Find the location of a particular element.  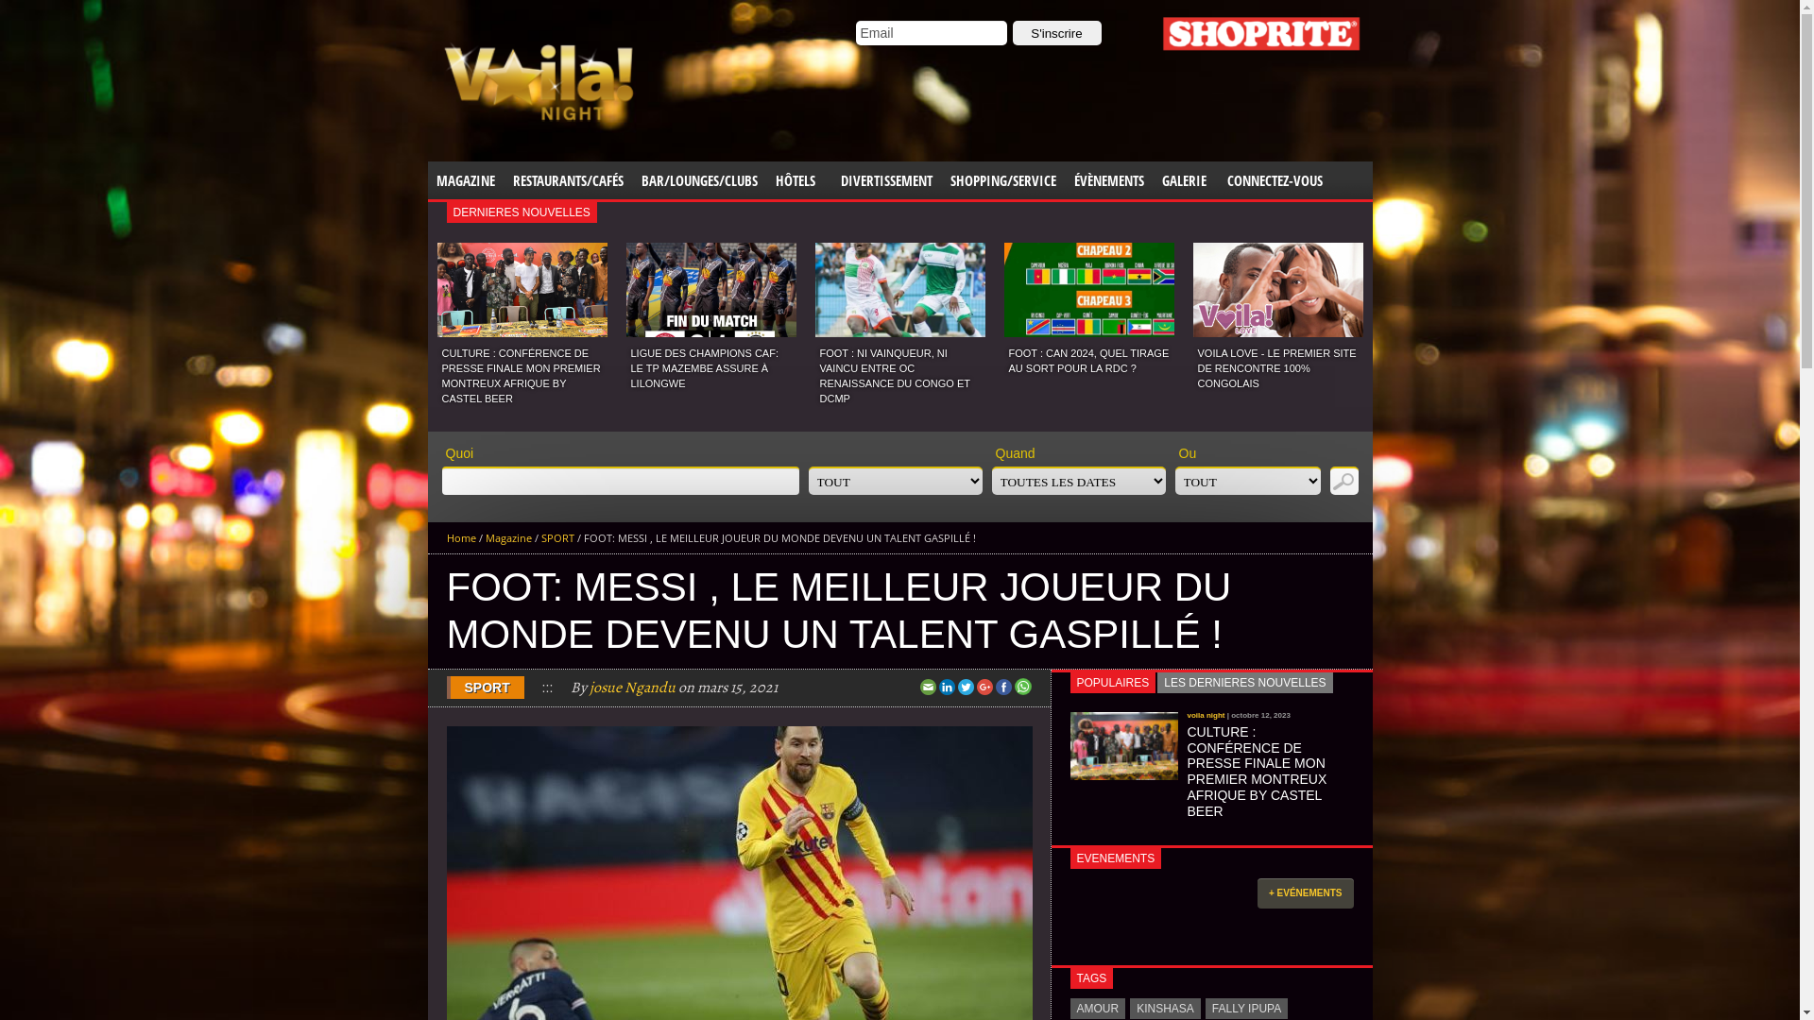

'Magazine' is located at coordinates (508, 537).